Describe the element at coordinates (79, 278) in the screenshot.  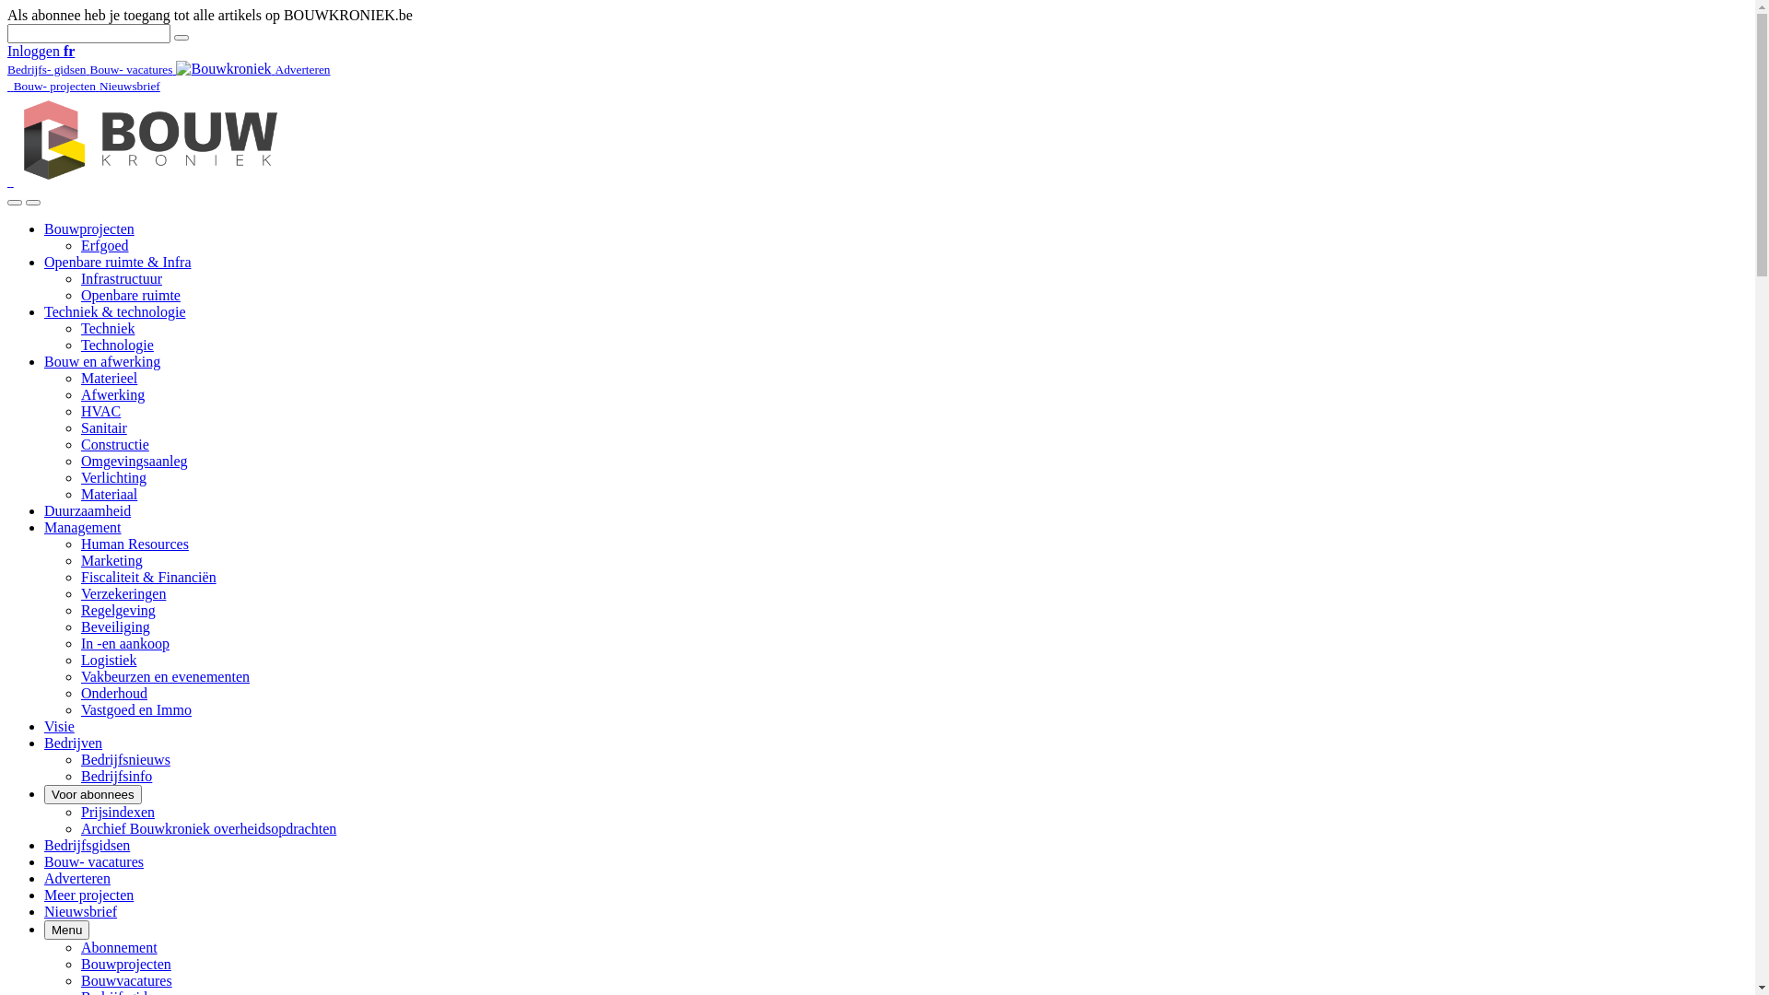
I see `'Infrastructuur'` at that location.